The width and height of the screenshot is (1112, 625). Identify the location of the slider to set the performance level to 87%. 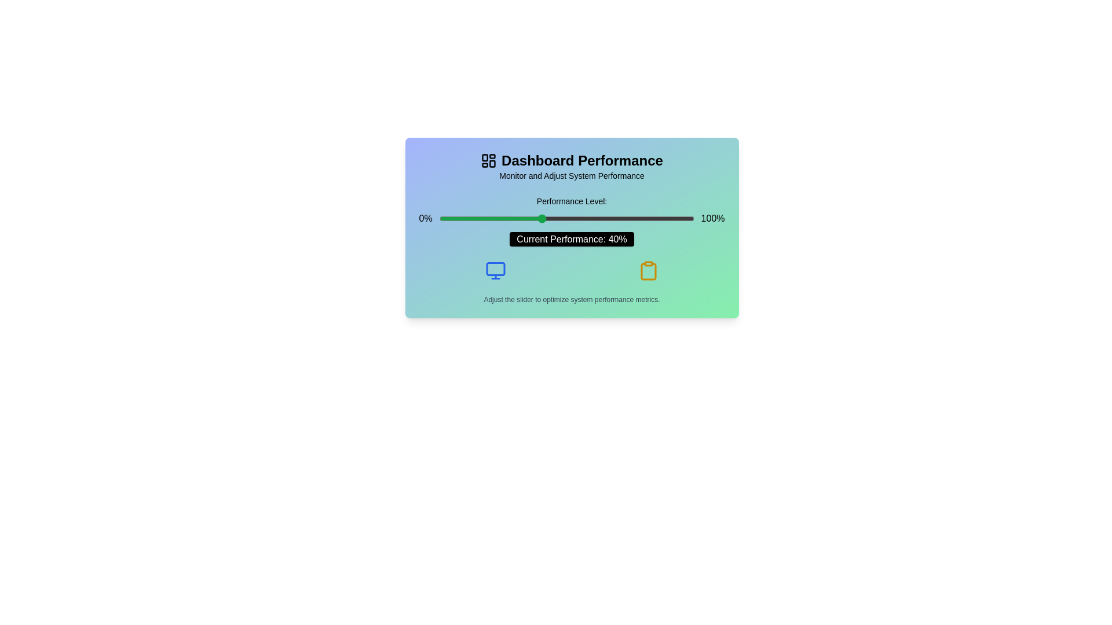
(661, 219).